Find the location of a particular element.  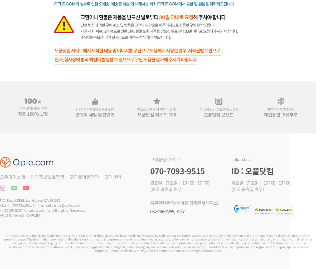

'정보관리책임자:로버트정     ｜' is located at coordinates (20, 205).